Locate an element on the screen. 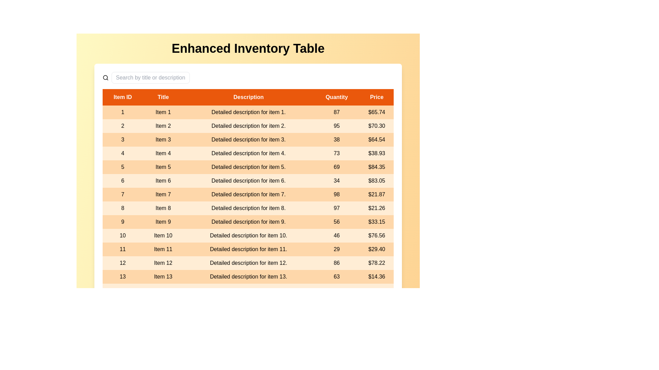 The height and width of the screenshot is (370, 659). the column header Description to view additional information is located at coordinates (248, 97).